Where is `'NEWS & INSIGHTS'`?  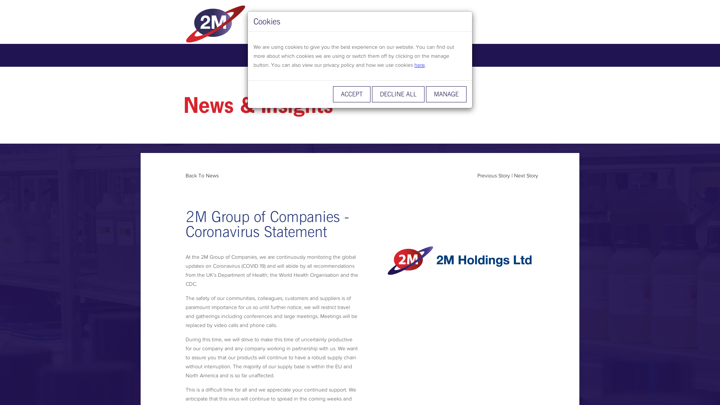 'NEWS & INSIGHTS' is located at coordinates (345, 55).